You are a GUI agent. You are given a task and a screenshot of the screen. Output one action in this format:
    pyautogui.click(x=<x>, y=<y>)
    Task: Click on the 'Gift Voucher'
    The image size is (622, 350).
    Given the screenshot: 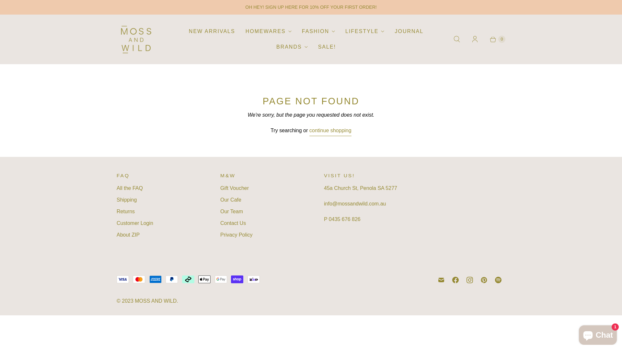 What is the action you would take?
    pyautogui.click(x=234, y=188)
    